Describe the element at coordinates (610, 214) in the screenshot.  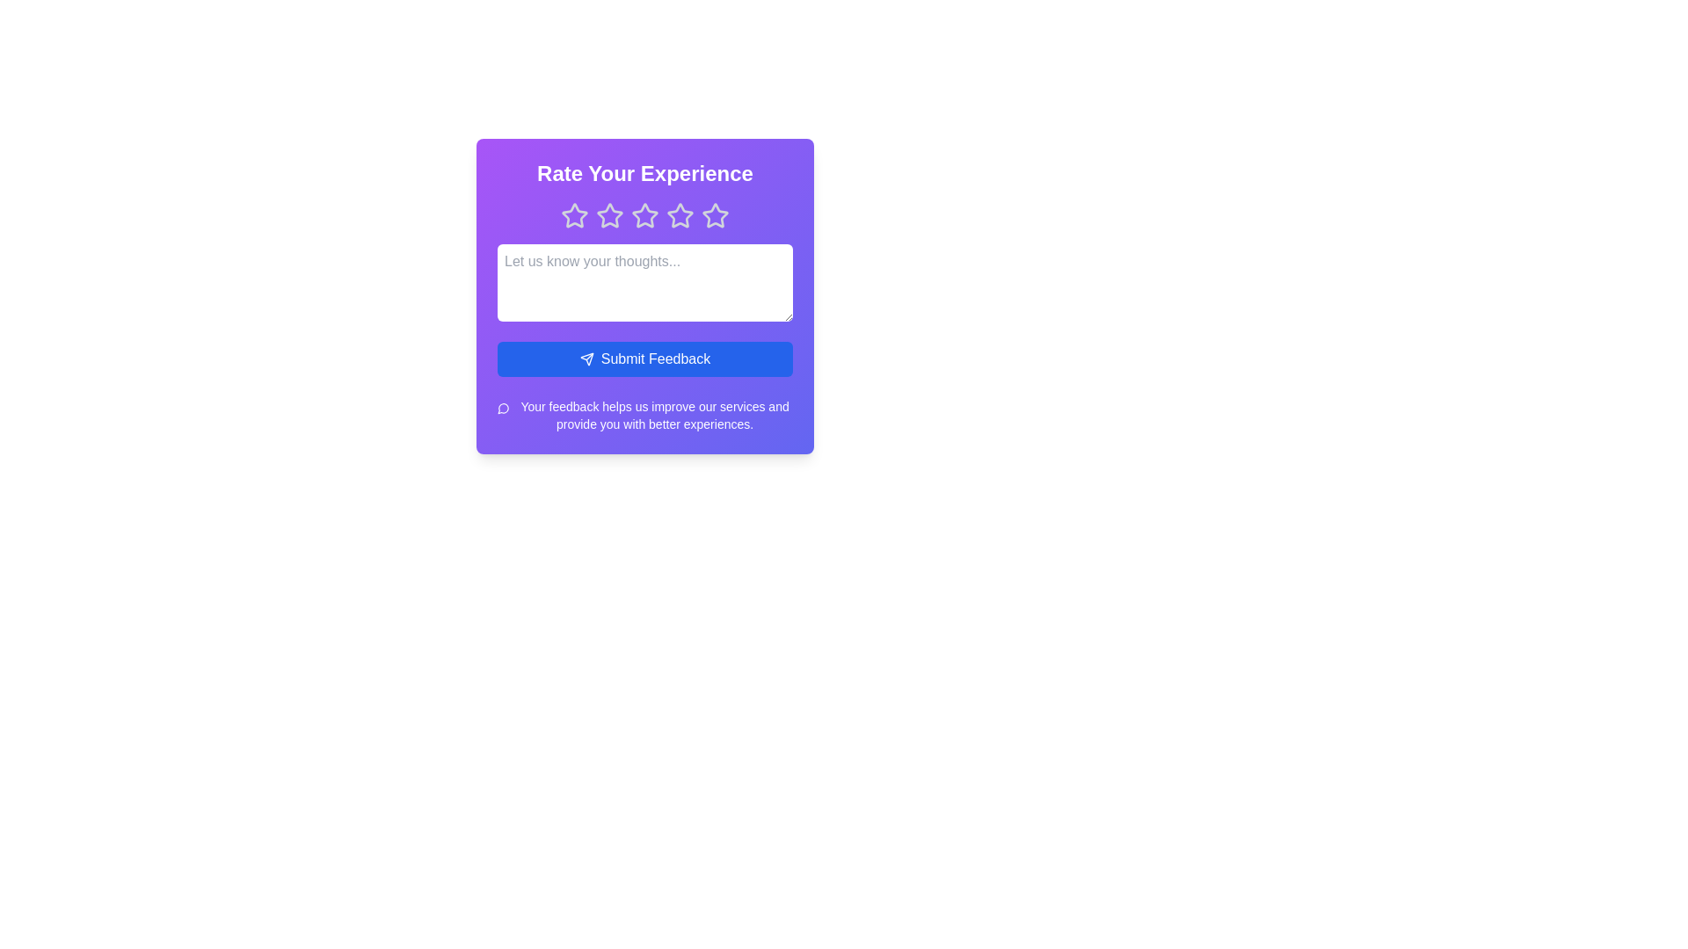
I see `the second star-shaped icon with a purple background and grayish borders in the 'Rate Your Experience' panel to rate` at that location.